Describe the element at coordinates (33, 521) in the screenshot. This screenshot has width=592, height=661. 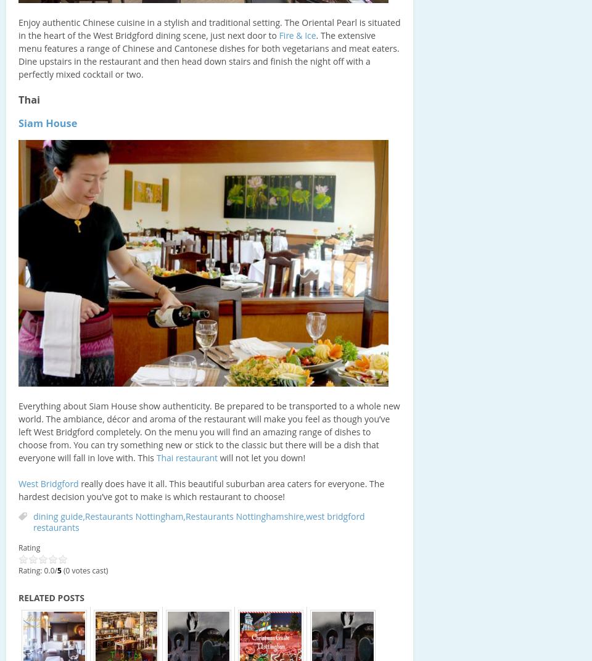
I see `'west bridgford restaurants'` at that location.